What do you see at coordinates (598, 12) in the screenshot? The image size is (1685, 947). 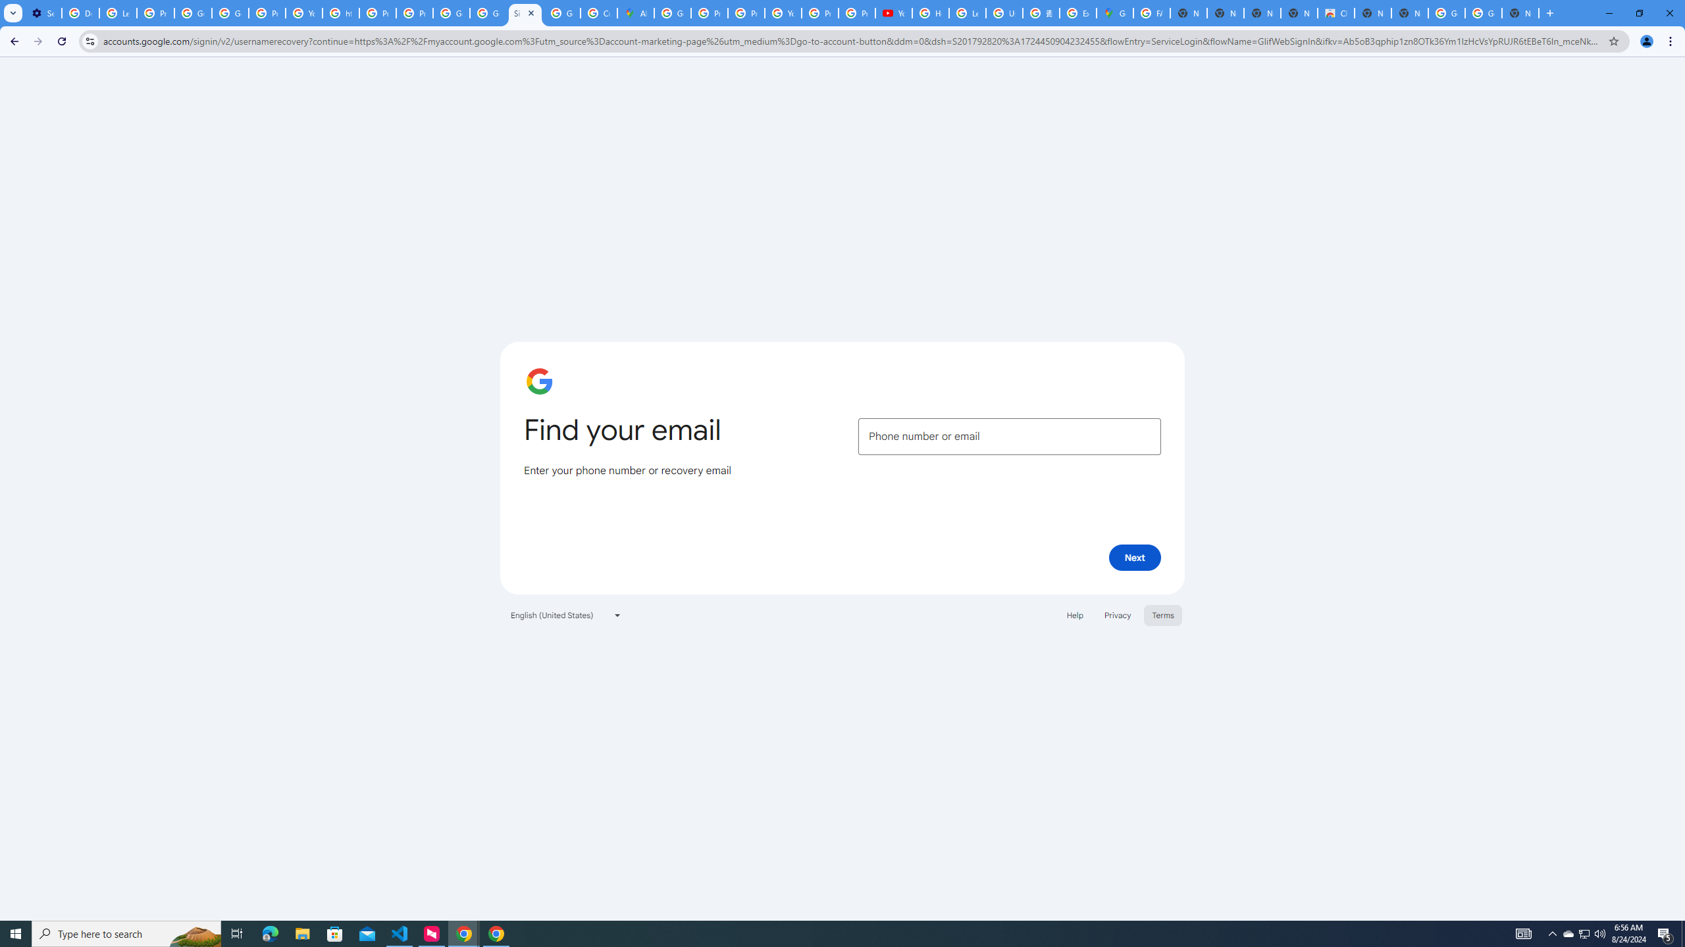 I see `'Create your Google Account'` at bounding box center [598, 12].